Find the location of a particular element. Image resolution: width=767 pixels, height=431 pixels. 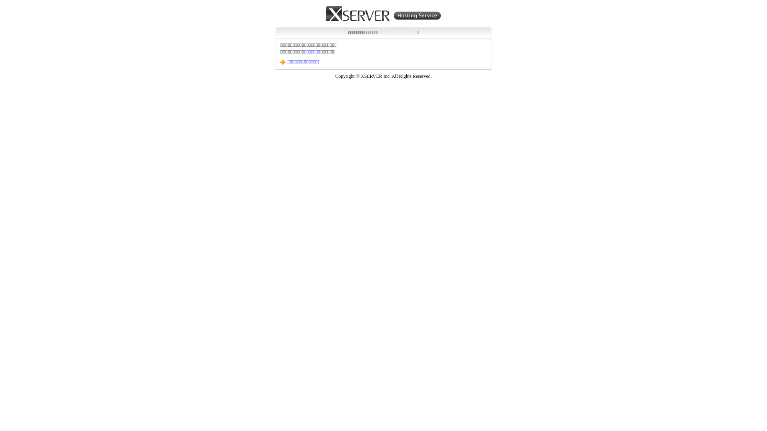

'Xserver Hosting Service' is located at coordinates (383, 14).